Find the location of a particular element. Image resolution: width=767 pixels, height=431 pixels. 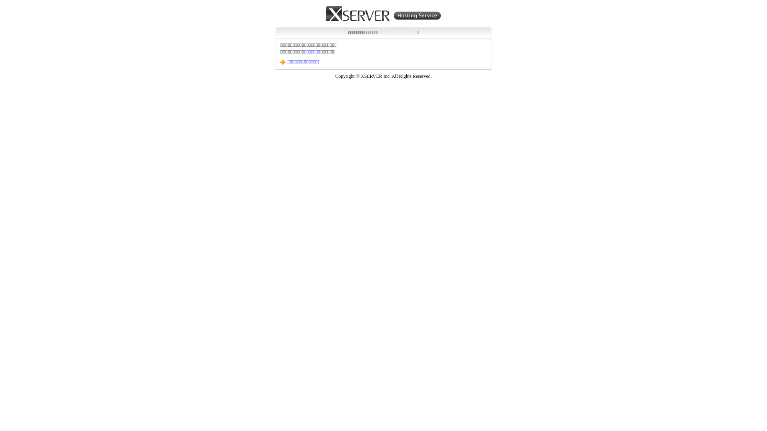

'Xserver Hosting Service' is located at coordinates (383, 14).